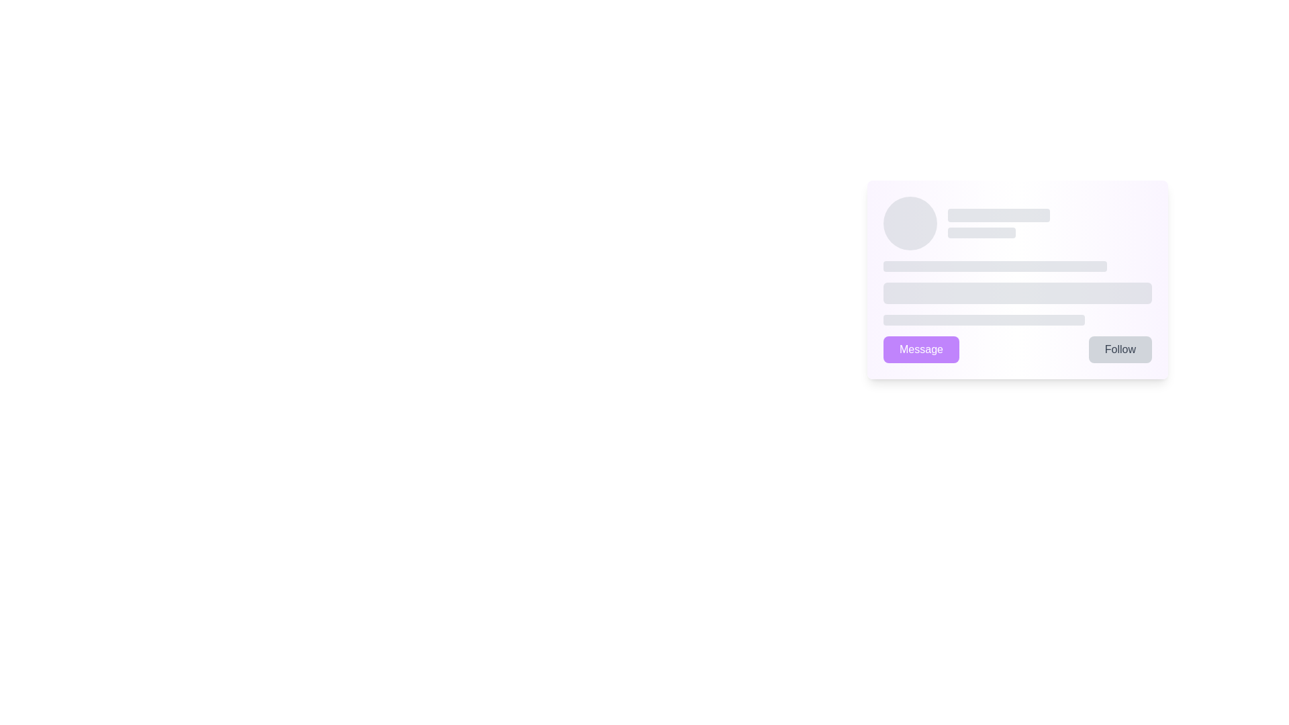 The width and height of the screenshot is (1289, 725). Describe the element at coordinates (1049, 222) in the screenshot. I see `the Skeleton Loading Placeholder, which consists of two vertically stacked rectangular bars with rounded corners, located to the right of a circular profile picture placeholder` at that location.